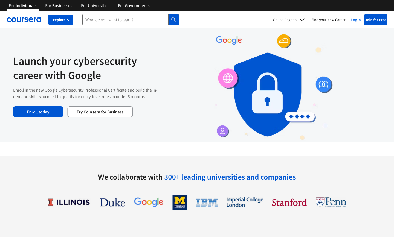  I want to click on the Government section on Coursera, so click(134, 5).